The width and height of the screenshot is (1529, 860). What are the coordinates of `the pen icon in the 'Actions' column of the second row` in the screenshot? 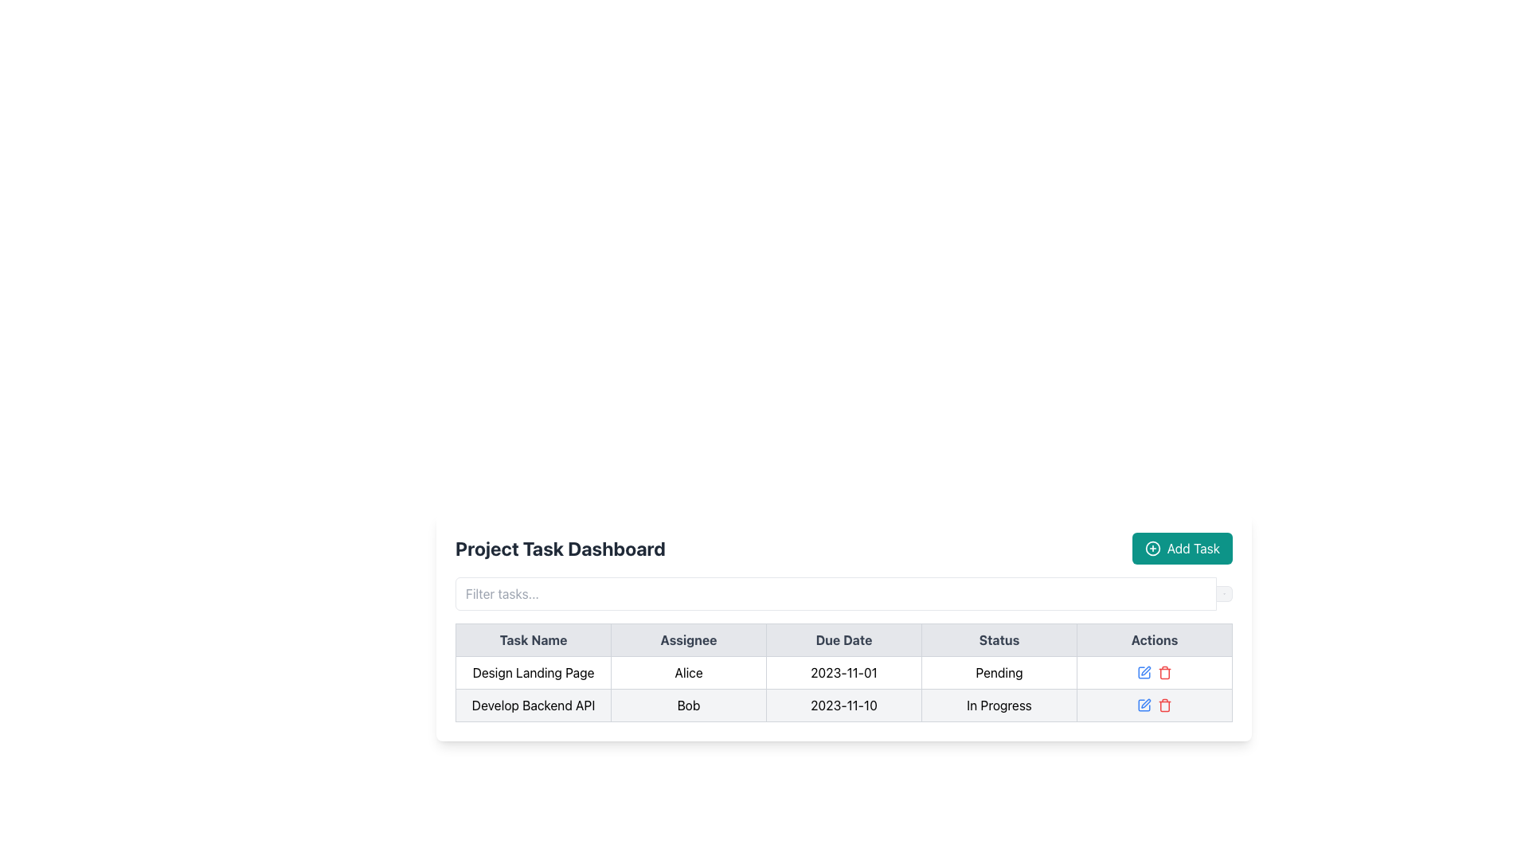 It's located at (1145, 702).